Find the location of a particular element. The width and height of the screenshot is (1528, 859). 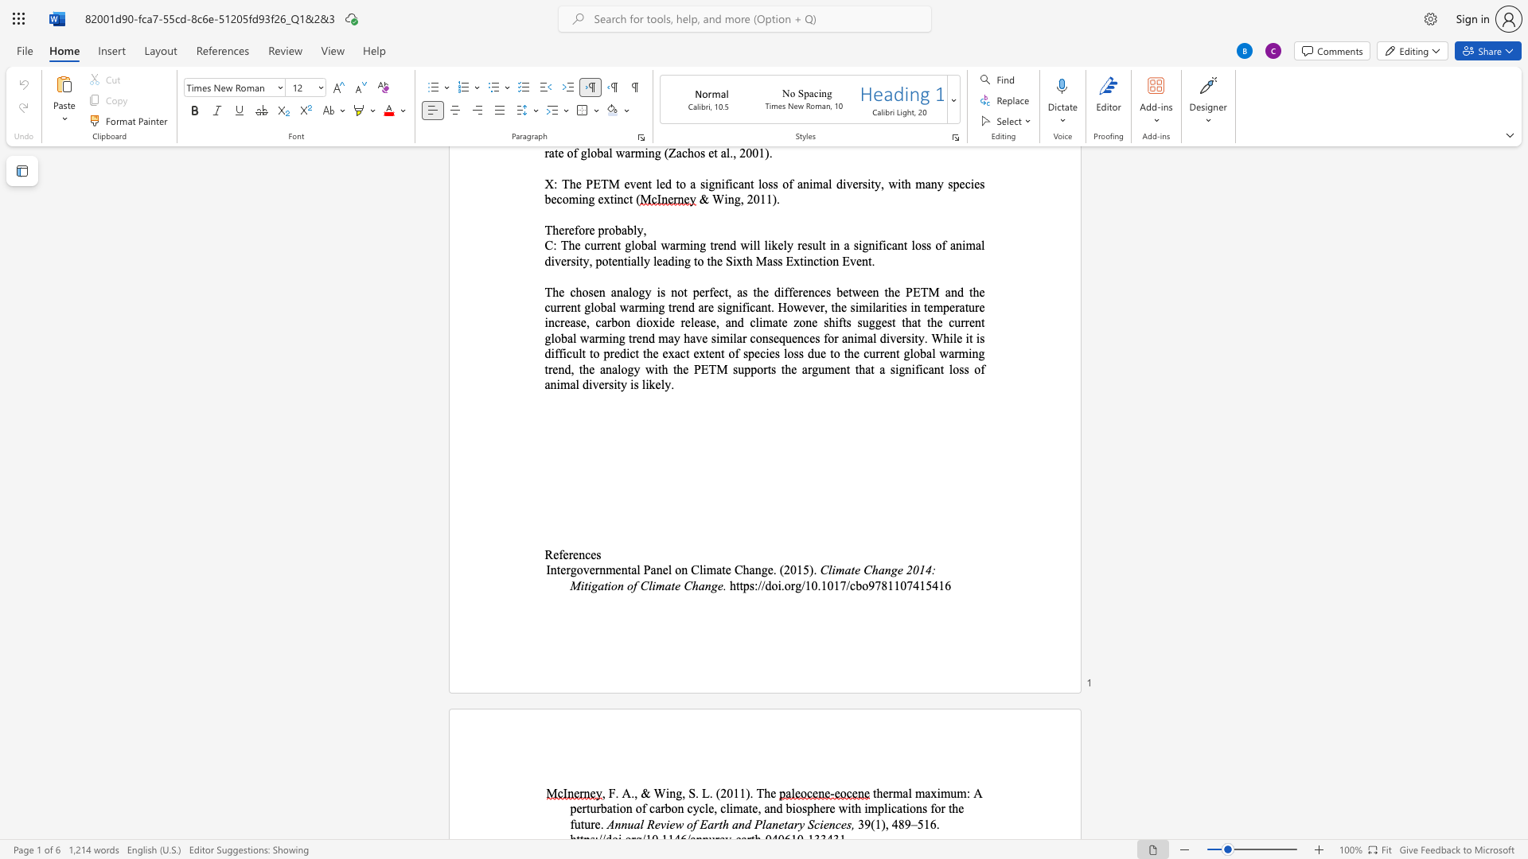

the space between the continuous character "1" and ")" in the text is located at coordinates (744, 793).